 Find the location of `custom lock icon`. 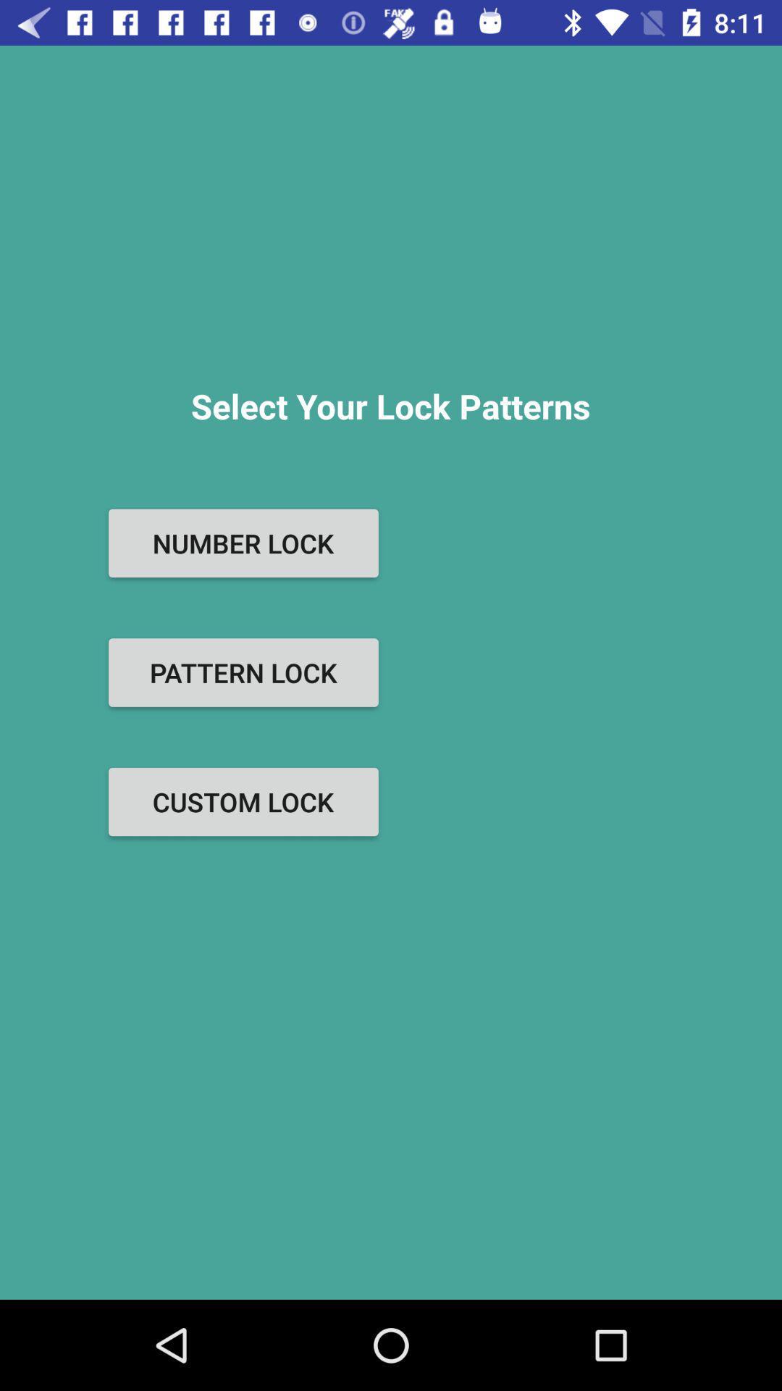

custom lock icon is located at coordinates (243, 801).